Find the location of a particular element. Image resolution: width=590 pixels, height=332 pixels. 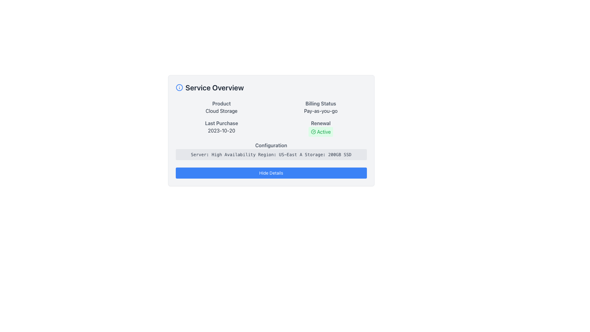

the bolded text label stating 'Configuration' which is gray in color and positioned above the detailed informational text area is located at coordinates (271, 145).